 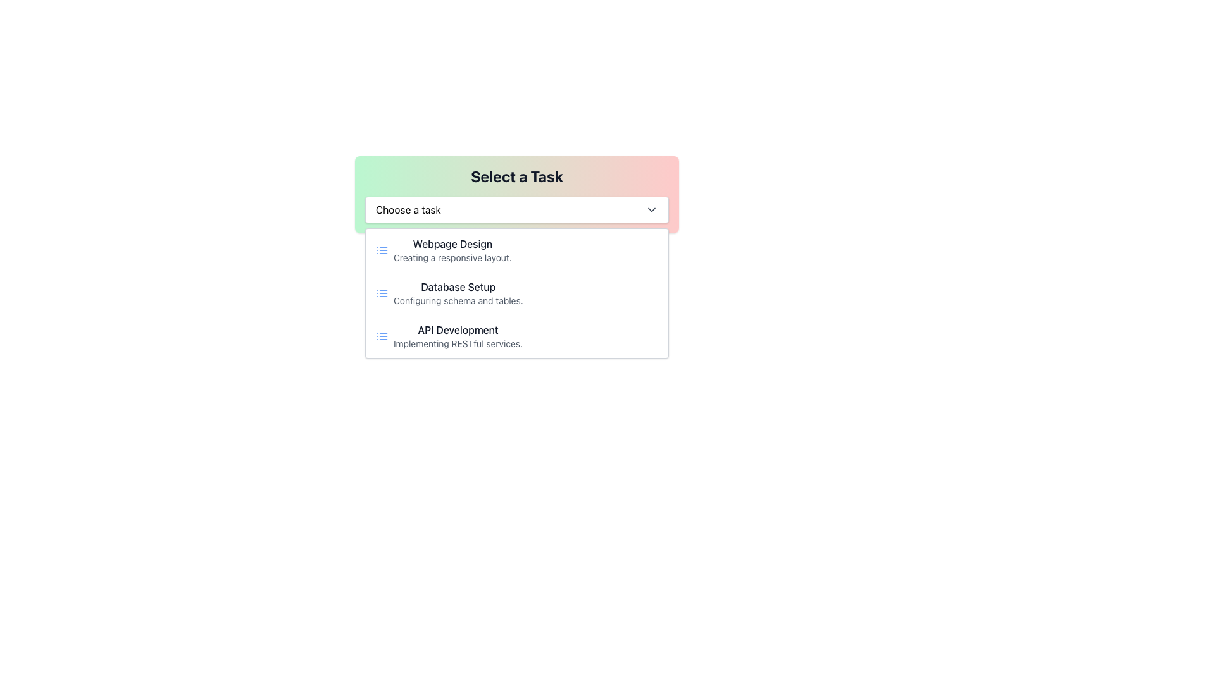 What do you see at coordinates (452, 257) in the screenshot?
I see `the text label displaying 'Creating a responsive layout.' which is located directly under the bolded text 'Webpage Design' in the dropdown menu` at bounding box center [452, 257].